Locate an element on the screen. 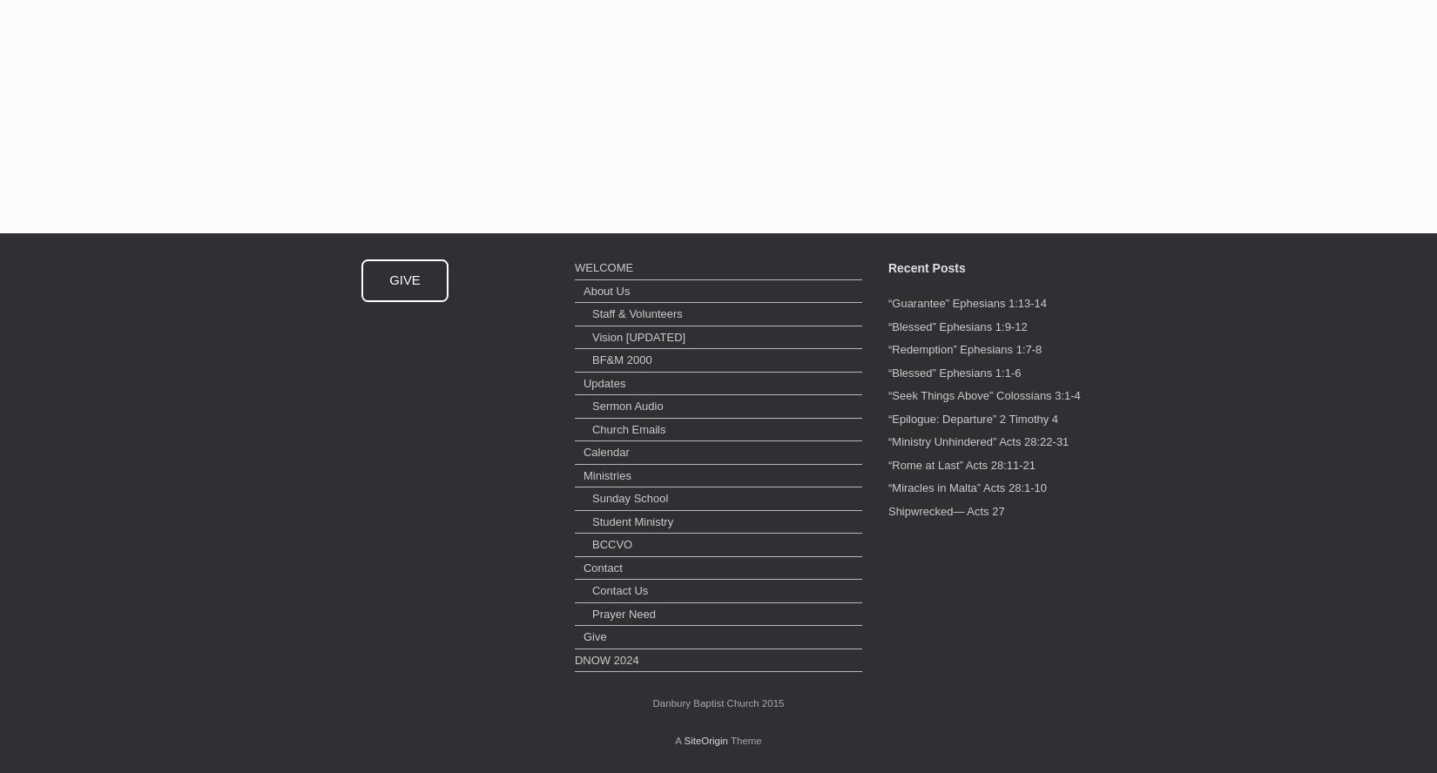 This screenshot has height=773, width=1437. '“Ministry Unhindered” Acts 28:22-31' is located at coordinates (977, 440).